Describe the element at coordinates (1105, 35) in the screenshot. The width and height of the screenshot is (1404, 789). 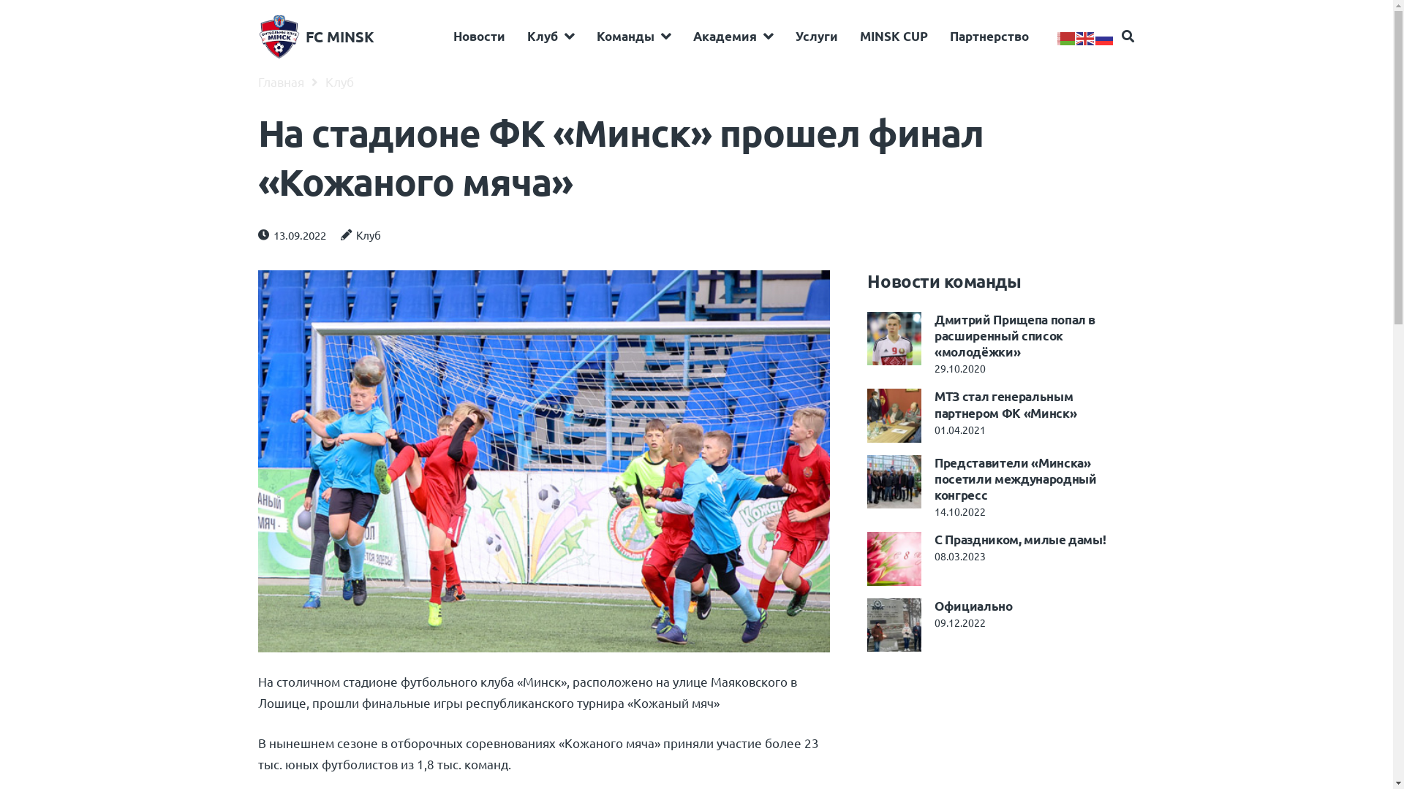
I see `'Russian'` at that location.